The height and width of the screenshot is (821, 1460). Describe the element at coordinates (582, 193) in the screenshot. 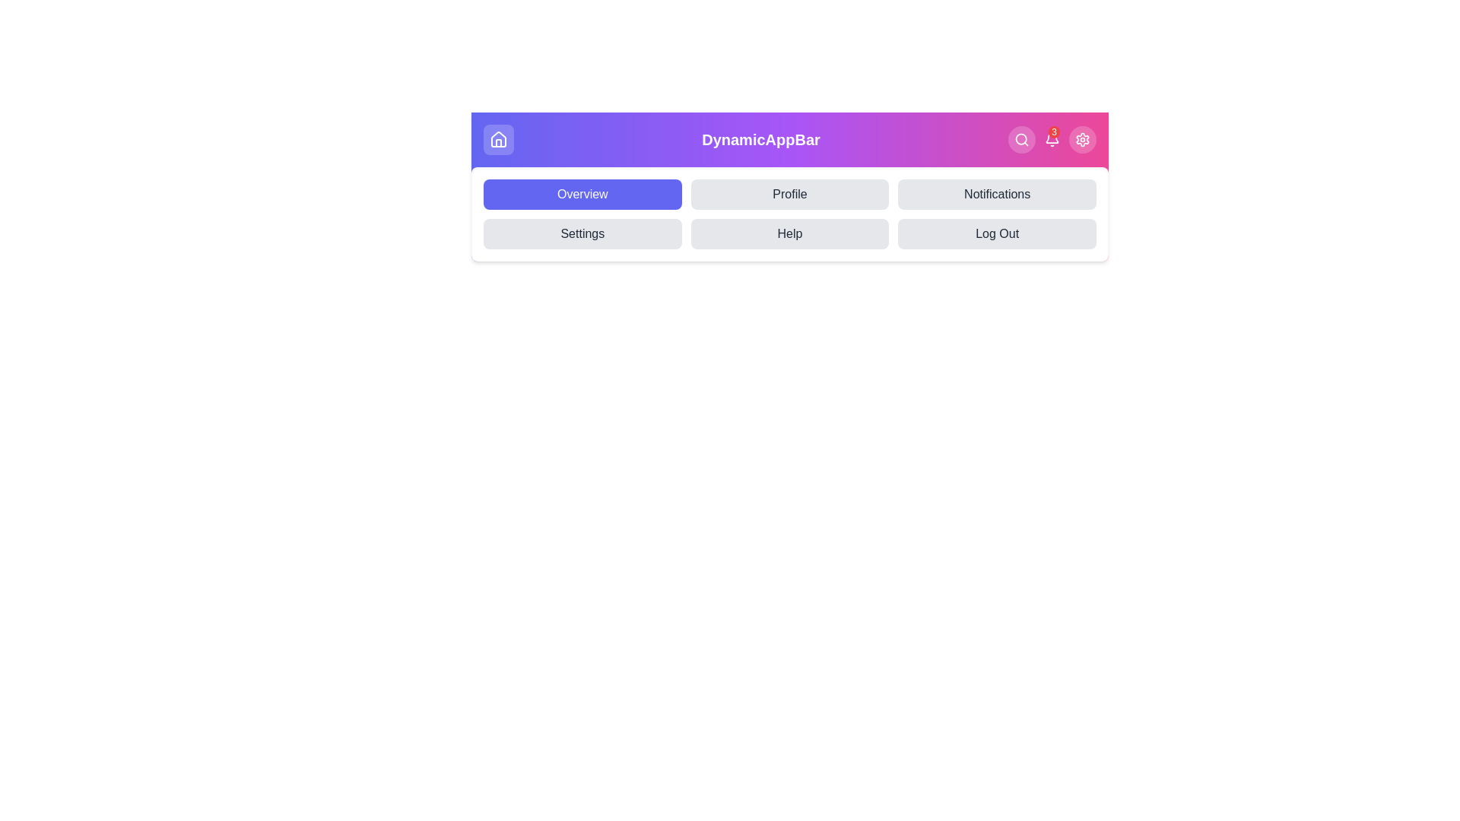

I see `the Overview tab in the navigation menu` at that location.